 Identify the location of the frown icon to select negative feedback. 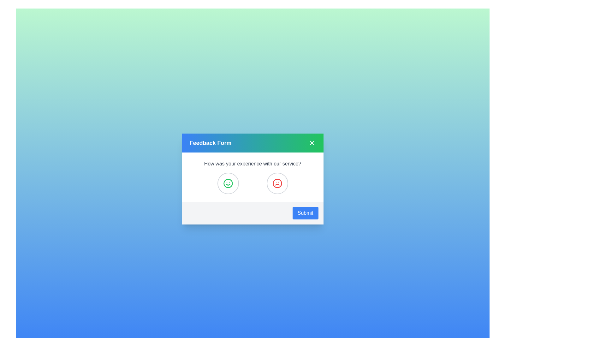
(277, 183).